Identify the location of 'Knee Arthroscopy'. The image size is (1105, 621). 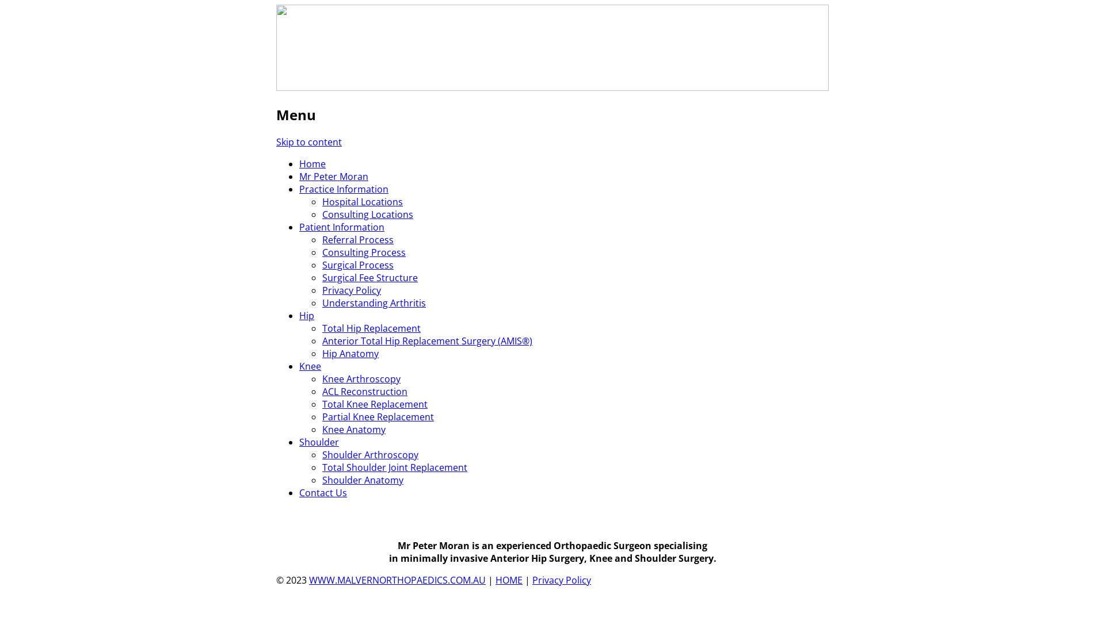
(361, 379).